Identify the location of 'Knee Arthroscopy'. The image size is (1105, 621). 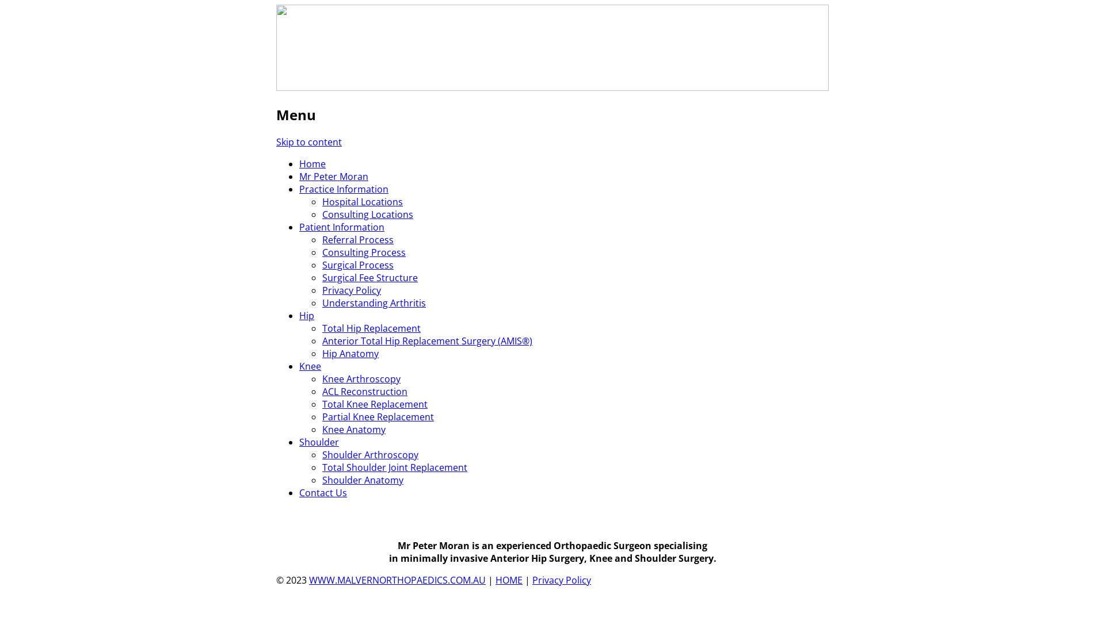
(361, 379).